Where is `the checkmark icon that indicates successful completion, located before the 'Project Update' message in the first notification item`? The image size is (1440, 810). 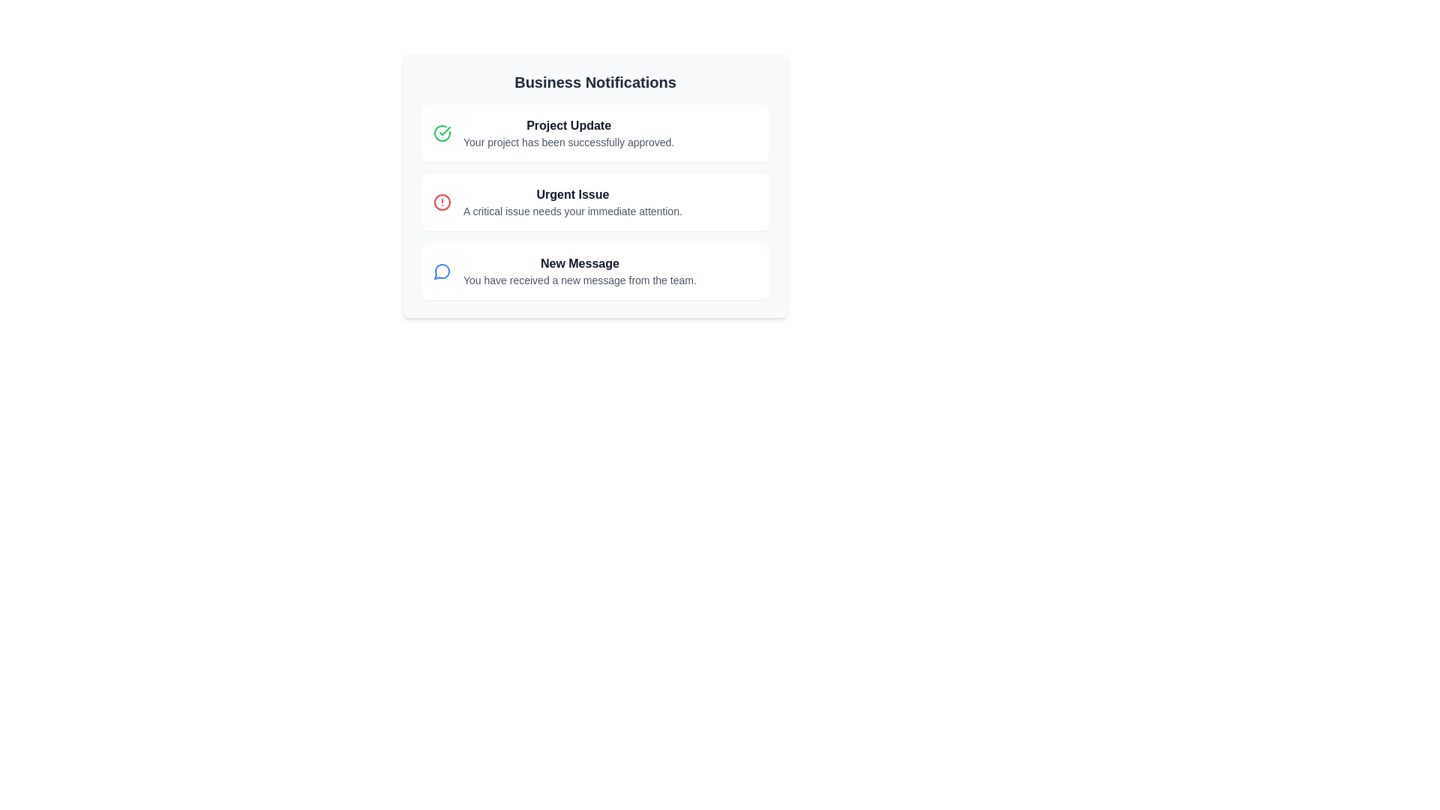 the checkmark icon that indicates successful completion, located before the 'Project Update' message in the first notification item is located at coordinates (444, 130).